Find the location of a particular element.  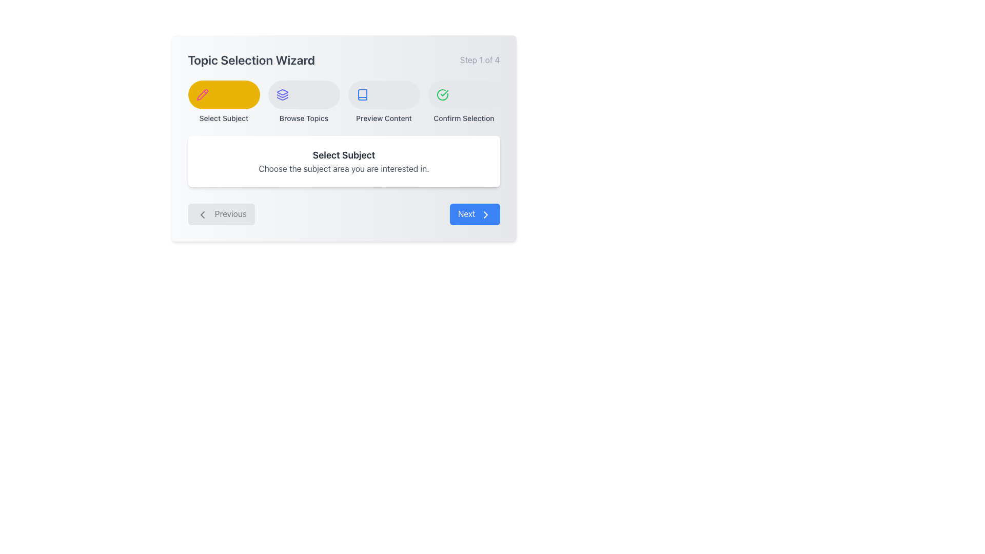

the vector graphic within the SVG element that is part of the pencil icon on the leftmost option in the horizontal navigation section of the dialog box, enhancing the button labeled 'Select Subject' is located at coordinates (202, 95).